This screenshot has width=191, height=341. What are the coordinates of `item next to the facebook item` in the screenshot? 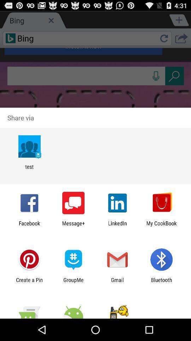 It's located at (73, 226).